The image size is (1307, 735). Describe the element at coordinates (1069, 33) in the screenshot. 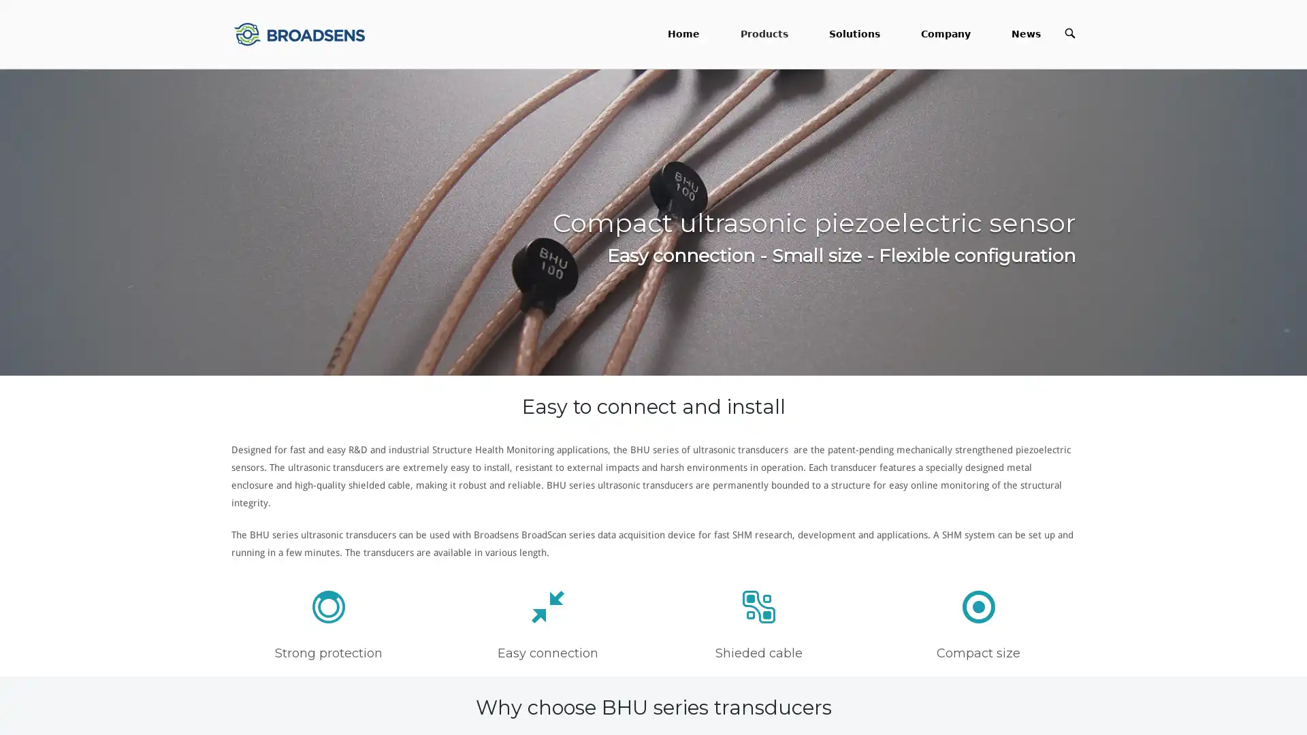

I see `OPEN SEARCH BAR` at that location.